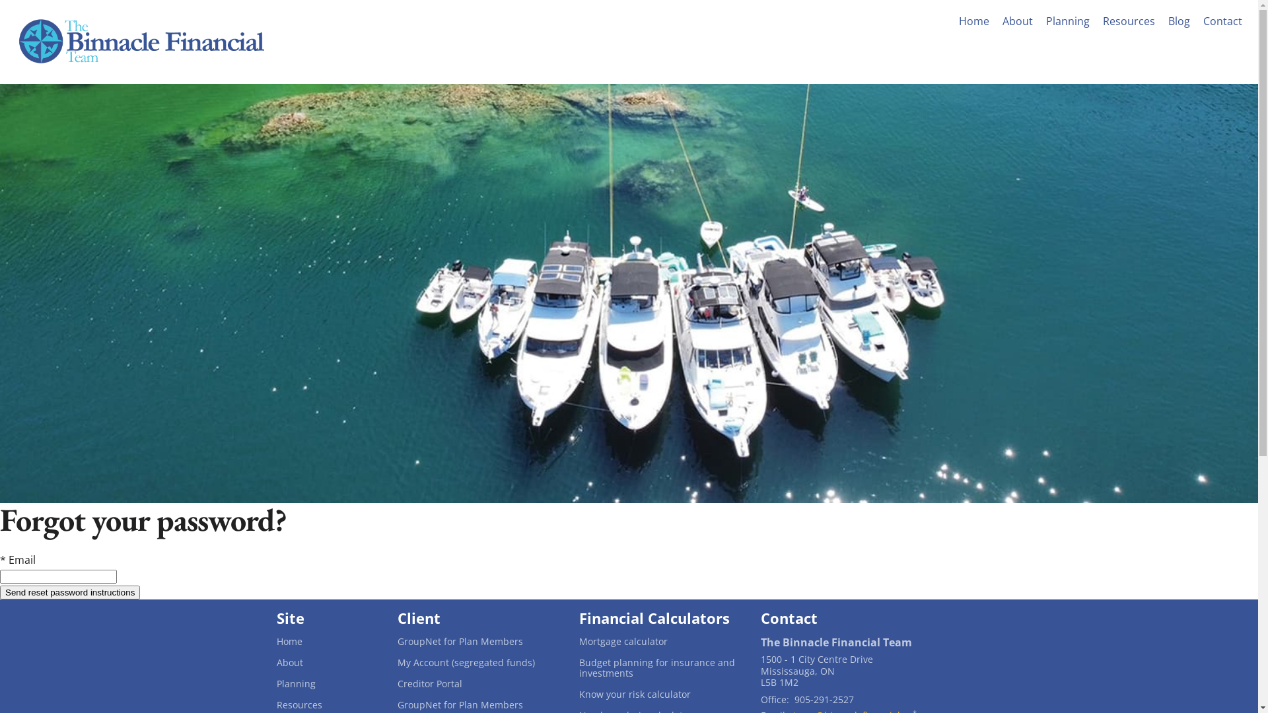 This screenshot has width=1268, height=713. Describe the element at coordinates (69, 592) in the screenshot. I see `'Send reset password instructions'` at that location.